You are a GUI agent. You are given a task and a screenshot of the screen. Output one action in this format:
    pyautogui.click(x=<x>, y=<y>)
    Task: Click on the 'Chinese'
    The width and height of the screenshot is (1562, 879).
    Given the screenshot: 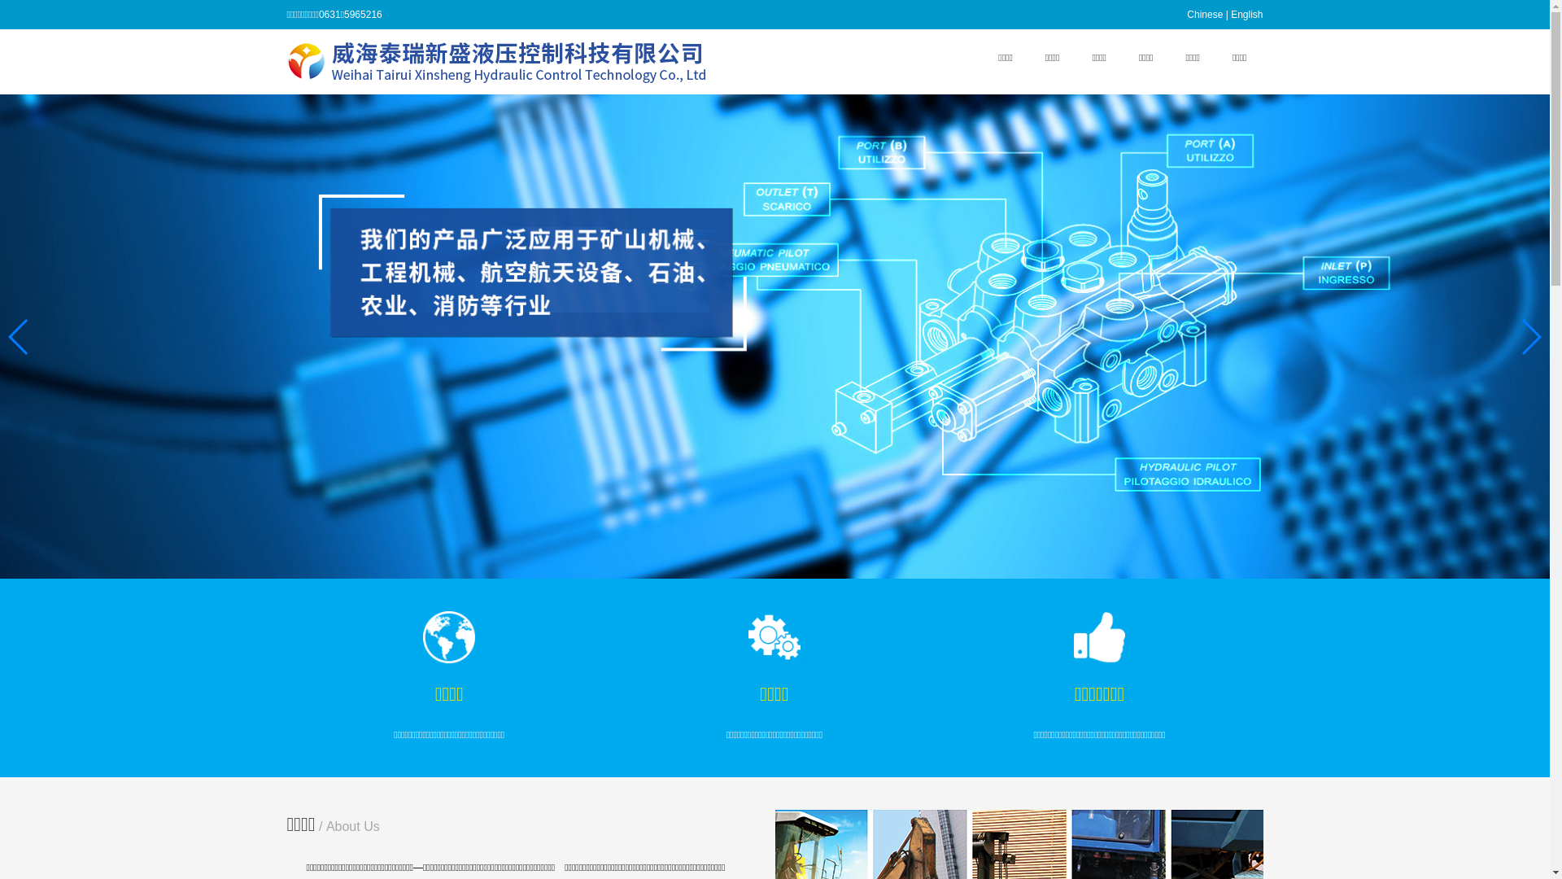 What is the action you would take?
    pyautogui.click(x=1187, y=15)
    